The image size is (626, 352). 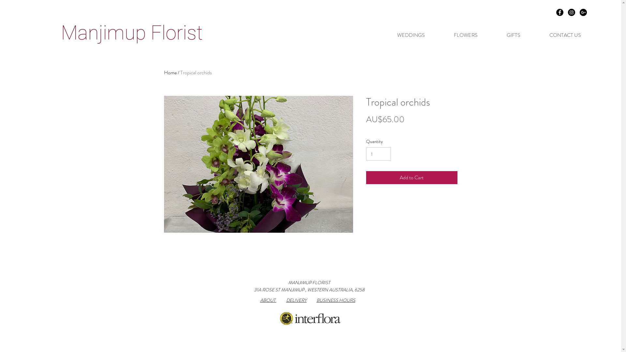 I want to click on 'CONTACT US', so click(x=535, y=35).